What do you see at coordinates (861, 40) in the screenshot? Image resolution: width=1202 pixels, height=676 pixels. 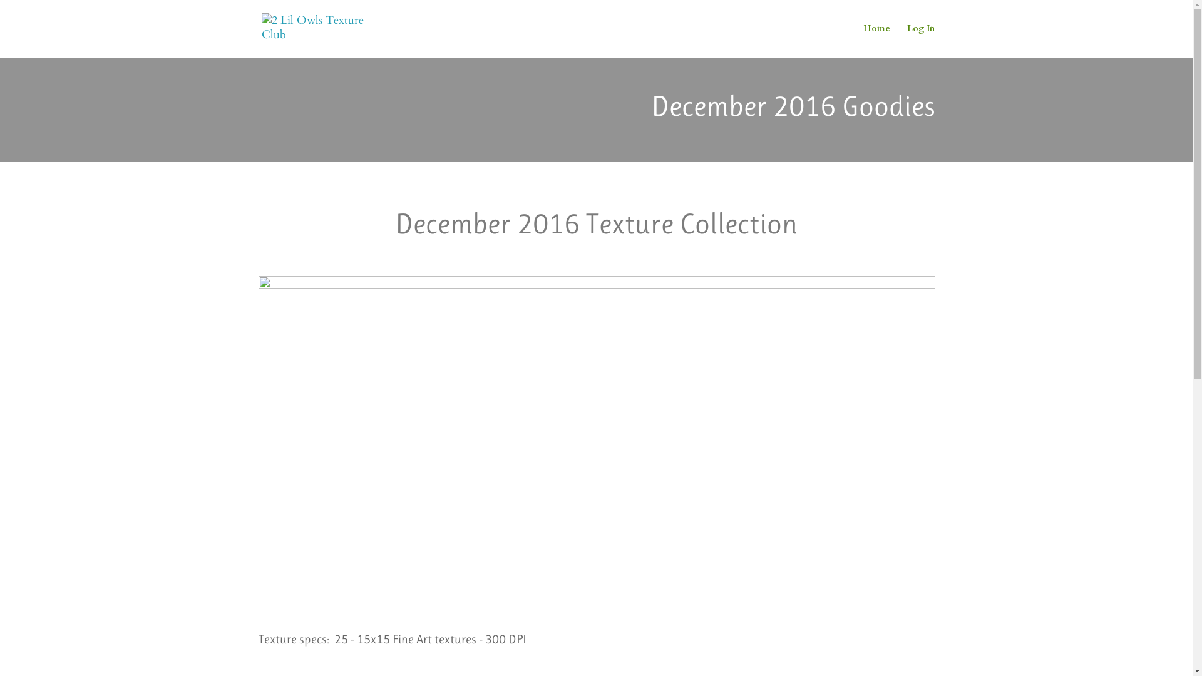 I see `'Home'` at bounding box center [861, 40].